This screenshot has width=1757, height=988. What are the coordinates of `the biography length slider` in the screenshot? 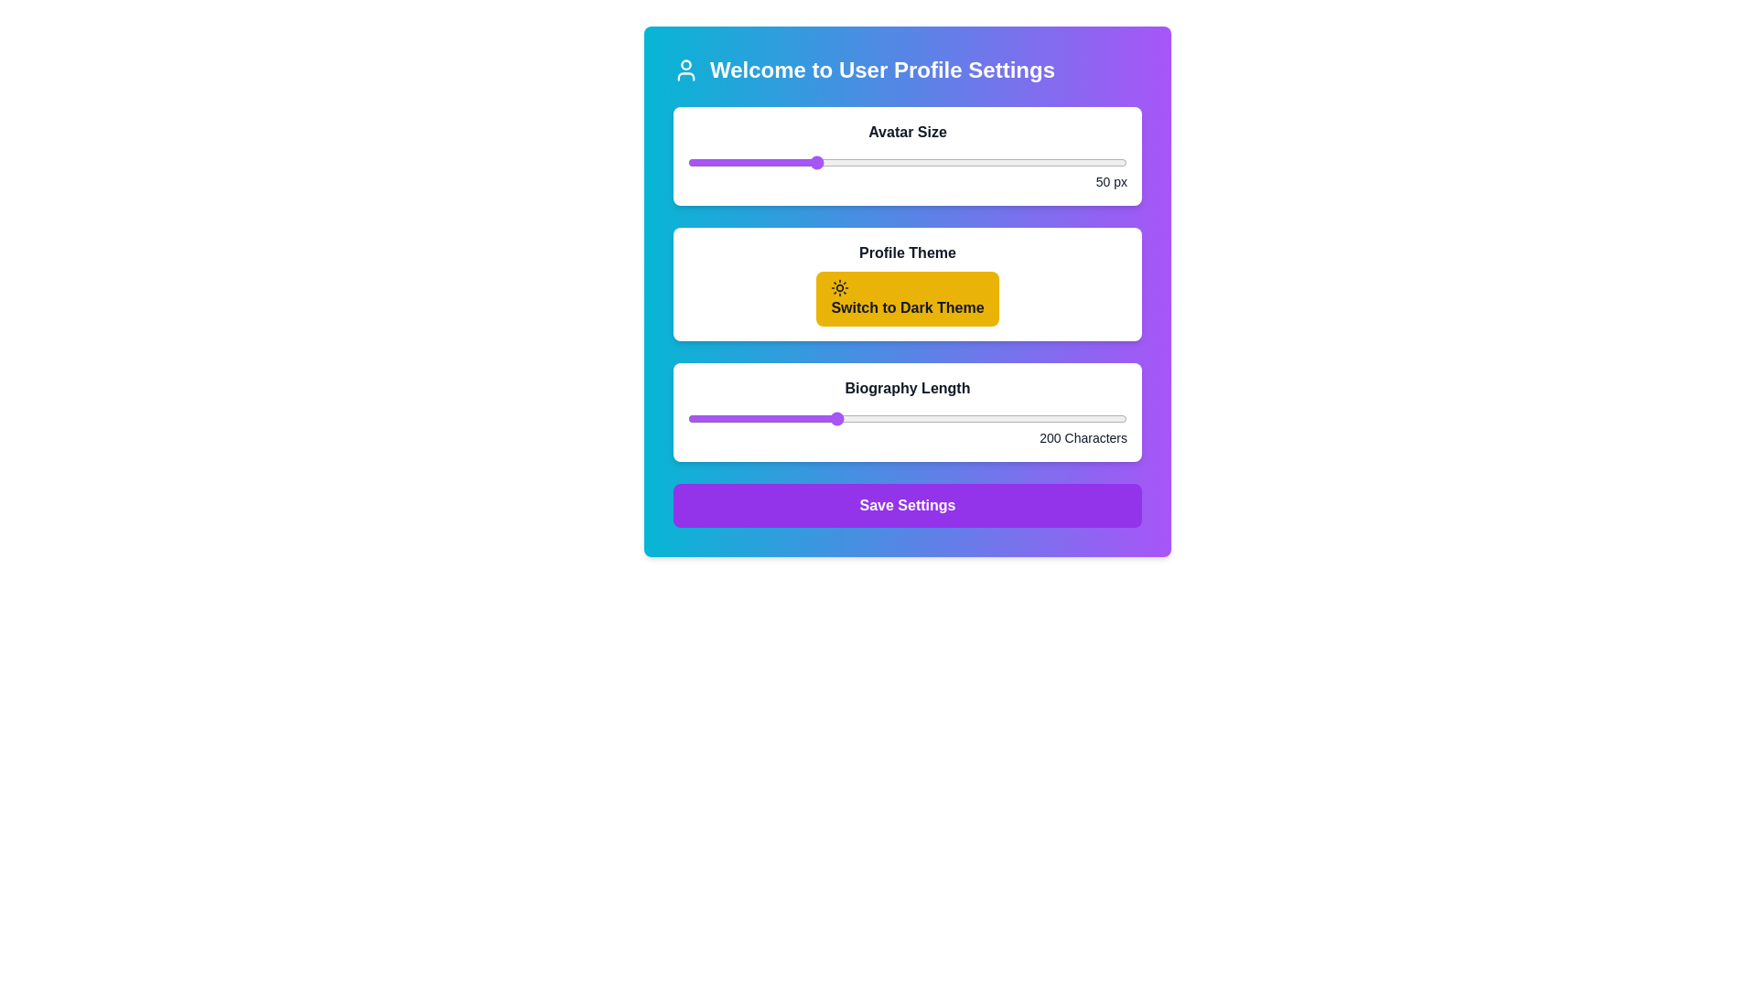 It's located at (824, 419).